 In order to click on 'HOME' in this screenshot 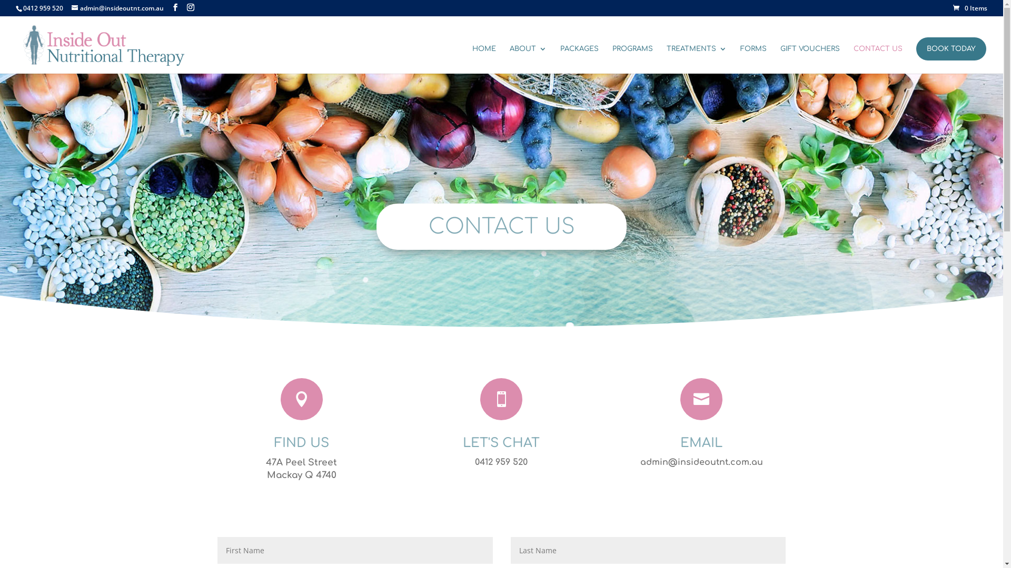, I will do `click(472, 59)`.